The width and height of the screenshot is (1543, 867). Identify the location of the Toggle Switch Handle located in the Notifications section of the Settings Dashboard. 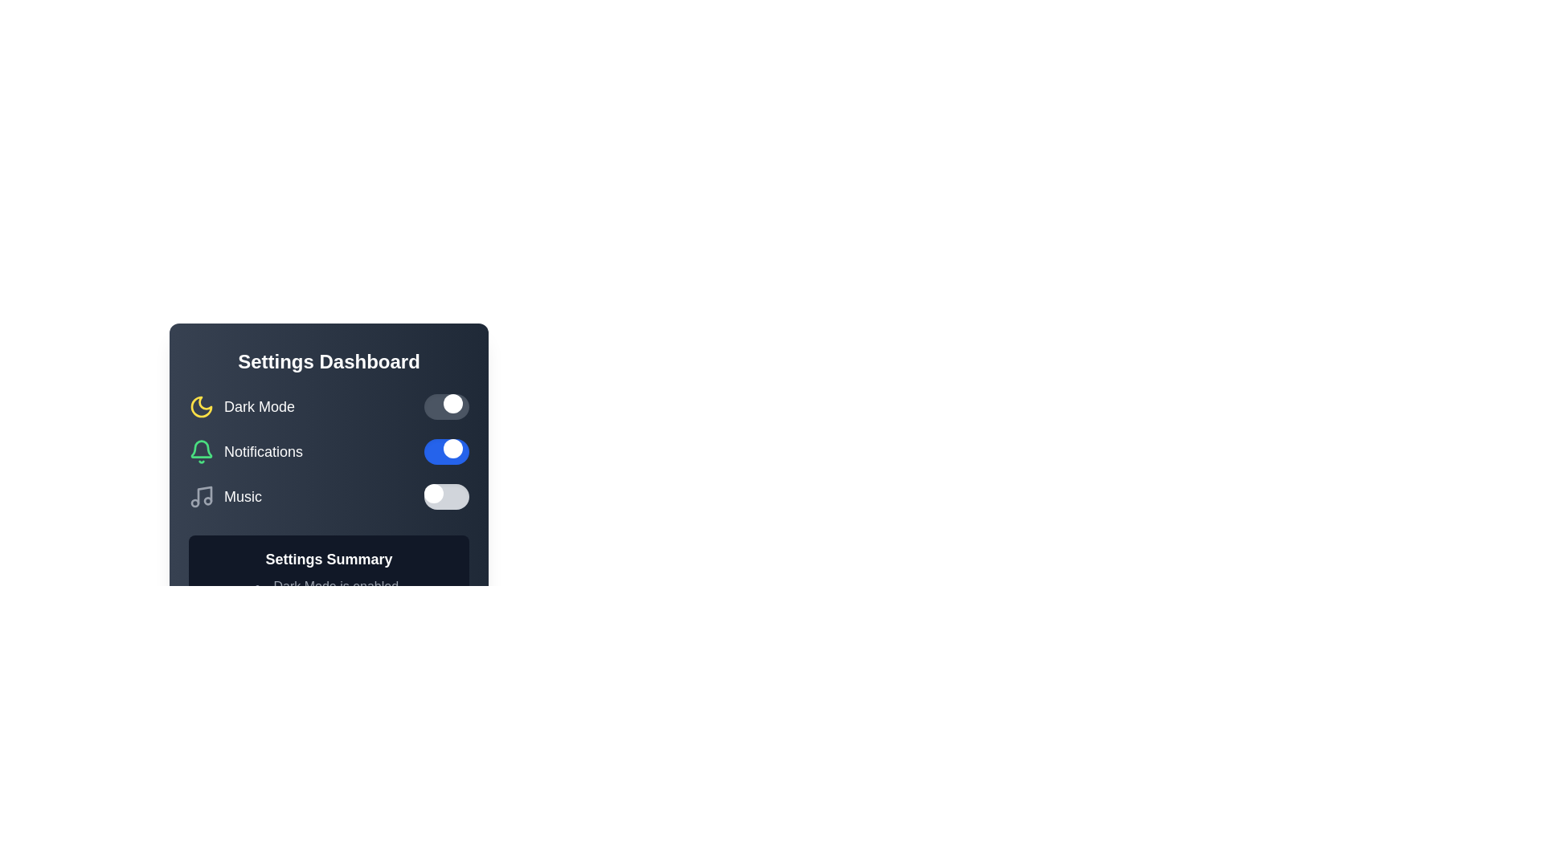
(452, 449).